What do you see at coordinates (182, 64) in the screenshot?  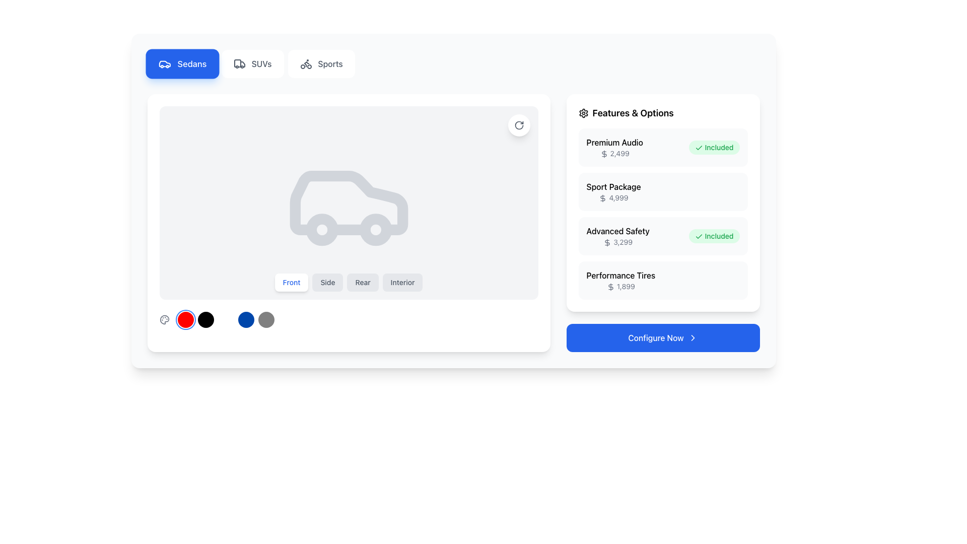 I see `the 'Sedans' navigation button located in the top-left corner of the interface to possibly reveal additional information or effects` at bounding box center [182, 64].